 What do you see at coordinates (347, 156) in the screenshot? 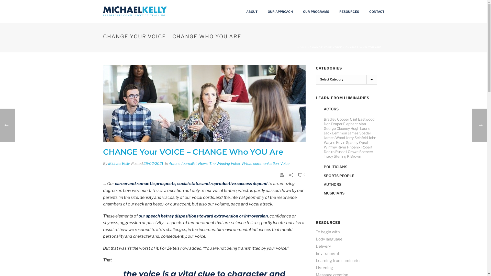
I see `'Sterling K Brown'` at bounding box center [347, 156].